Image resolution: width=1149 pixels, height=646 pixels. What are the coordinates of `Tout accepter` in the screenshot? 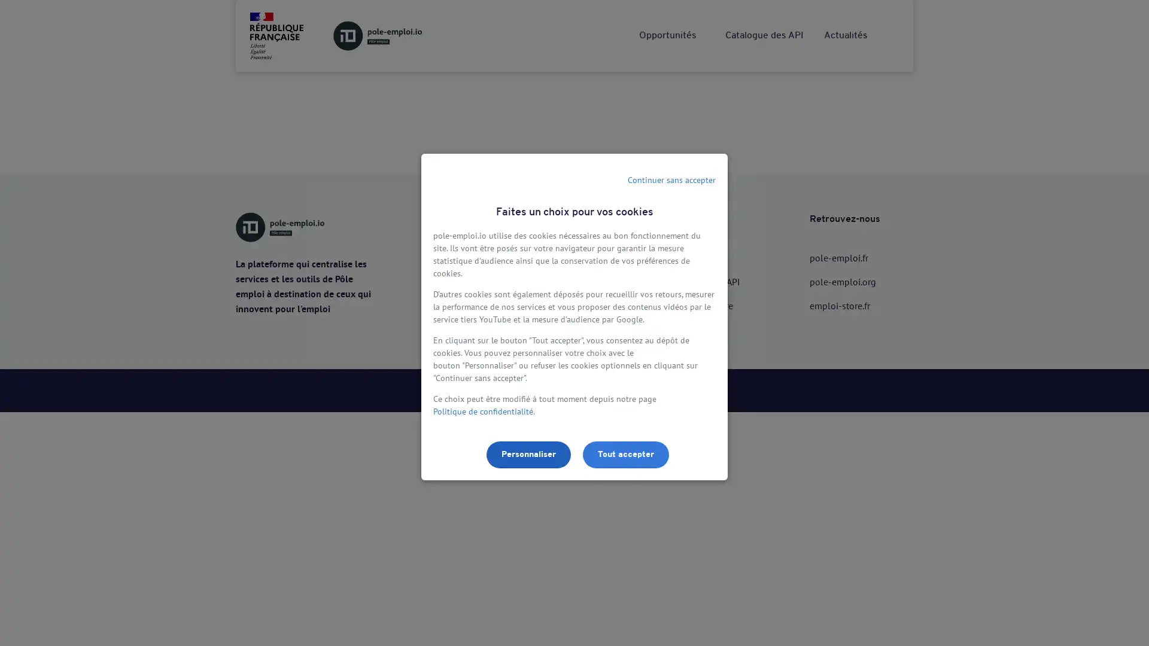 It's located at (625, 455).